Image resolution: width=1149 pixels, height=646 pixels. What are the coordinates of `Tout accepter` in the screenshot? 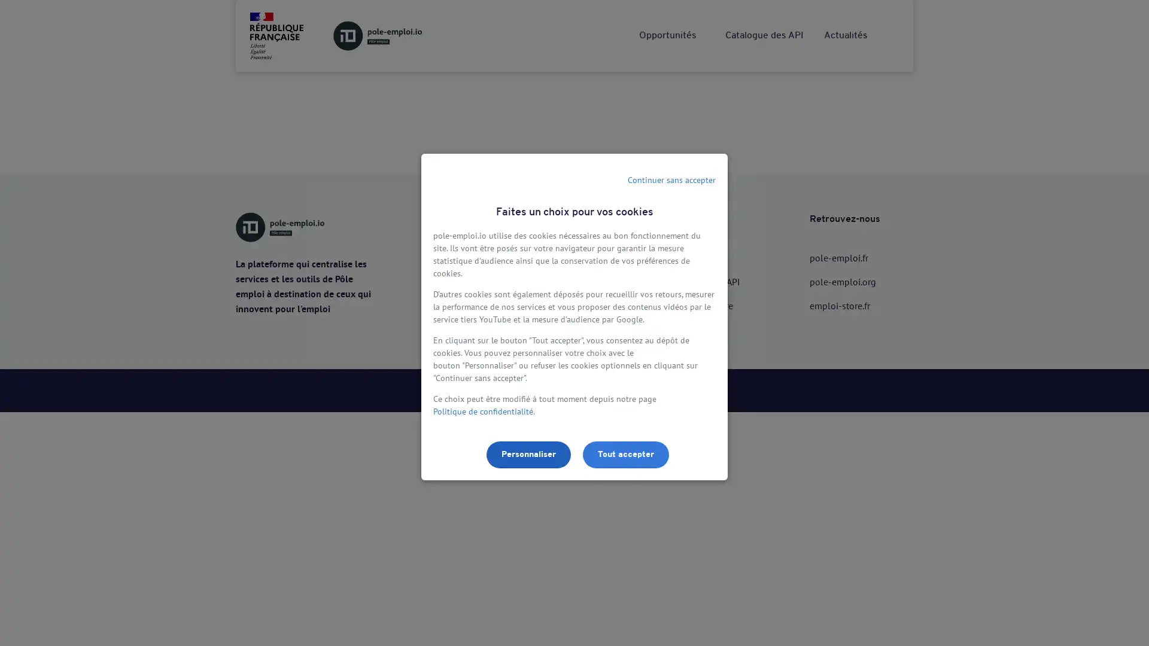 It's located at (625, 455).